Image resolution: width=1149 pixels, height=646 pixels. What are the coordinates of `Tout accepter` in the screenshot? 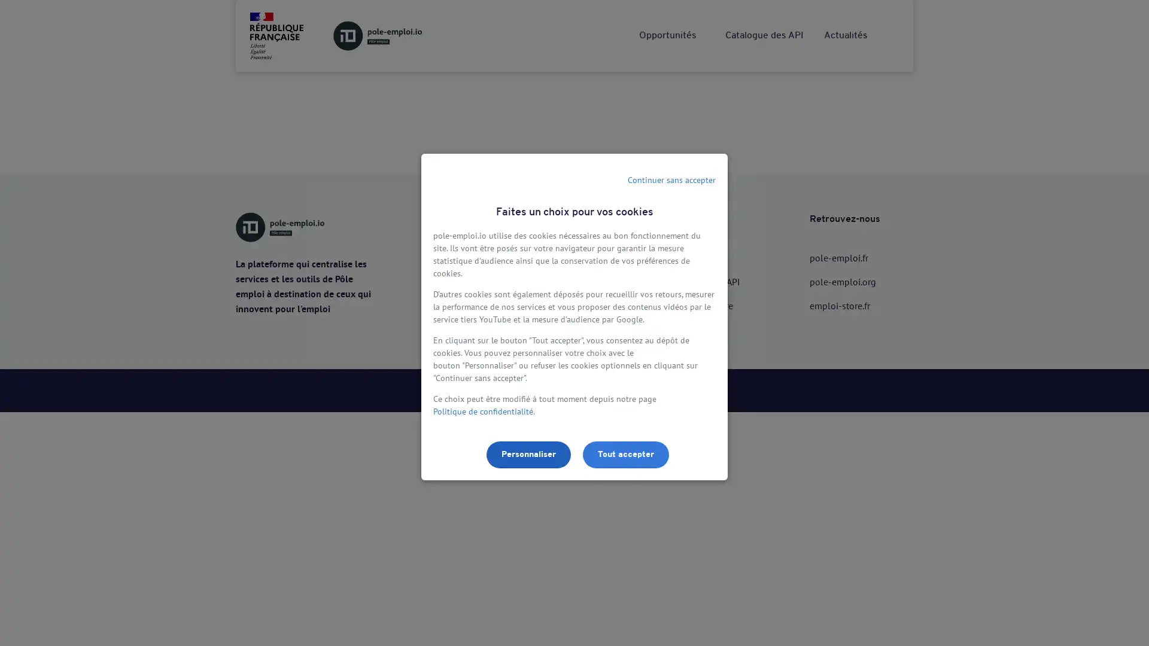 It's located at (625, 455).